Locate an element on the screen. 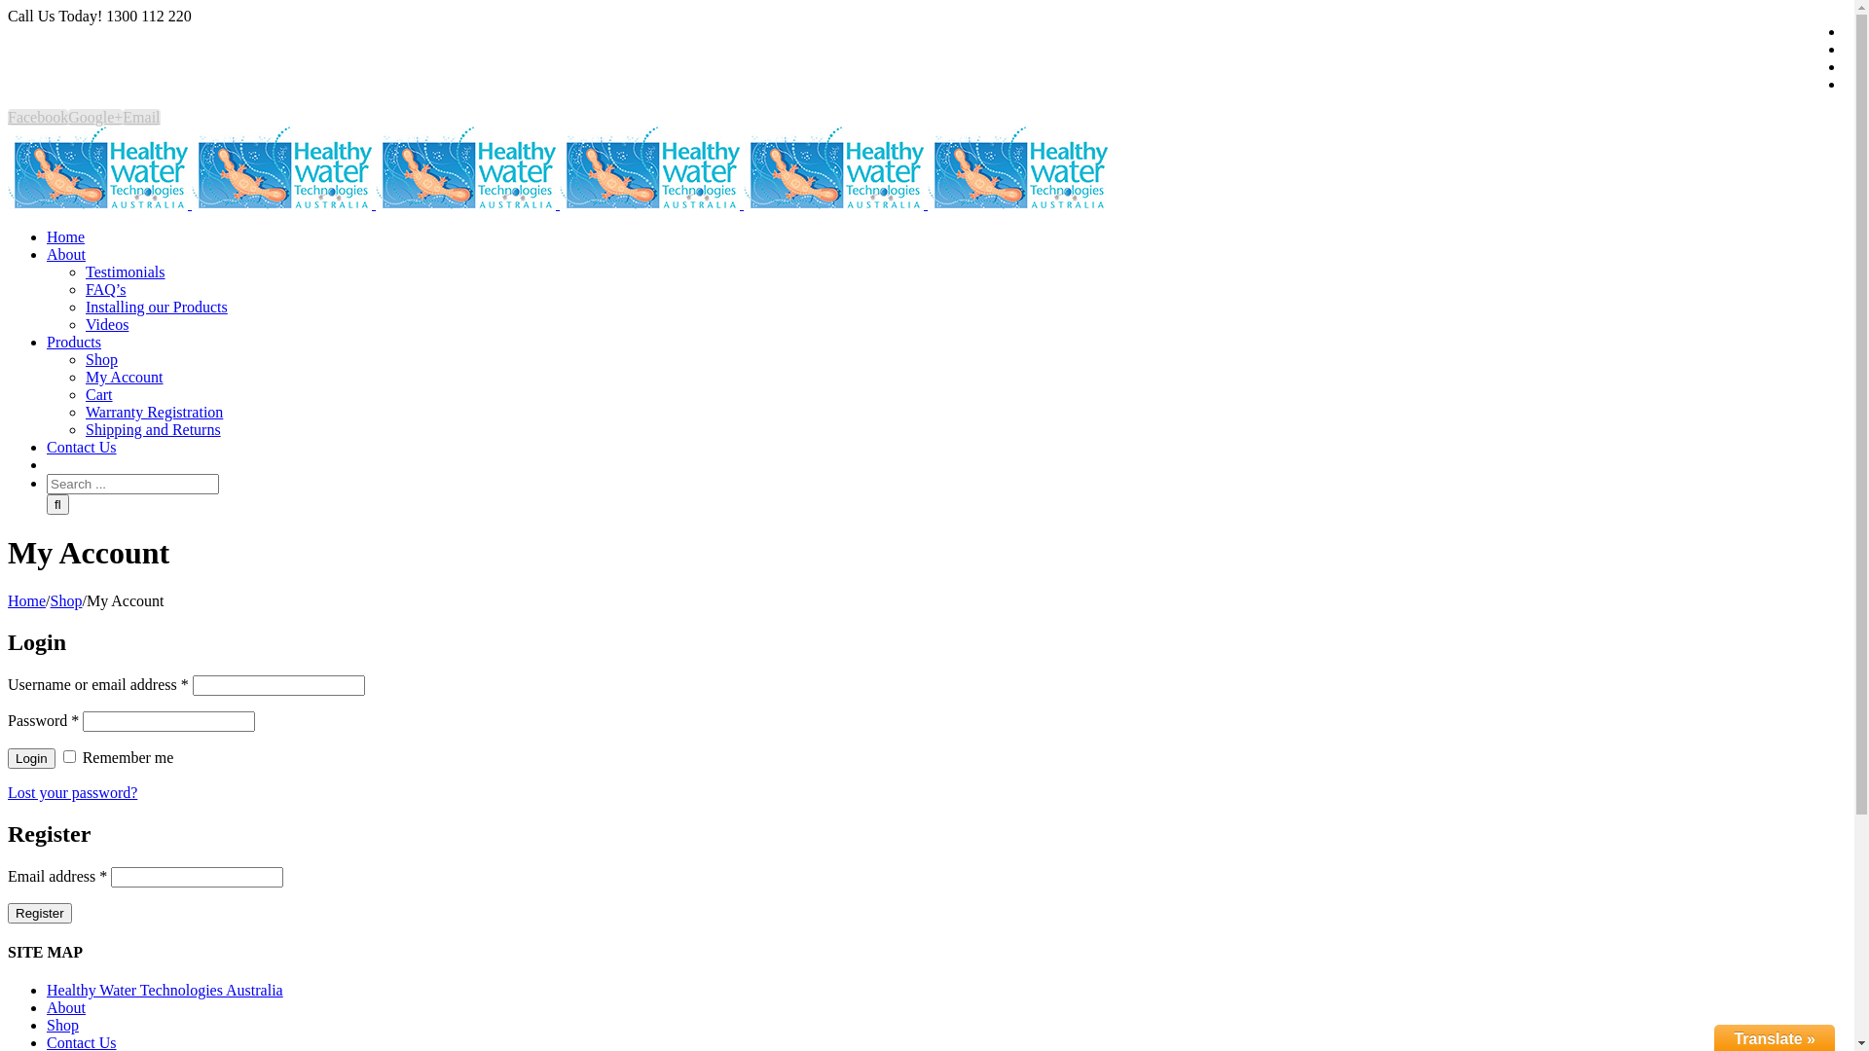  'Lost your password?' is located at coordinates (72, 792).